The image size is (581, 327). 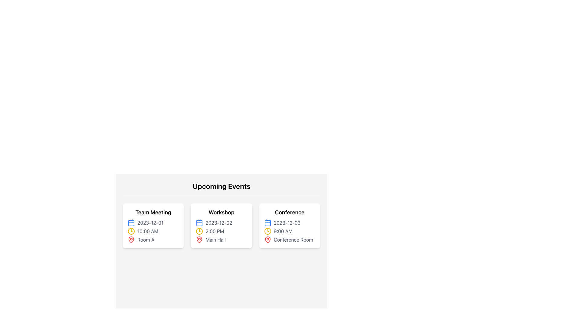 What do you see at coordinates (221, 231) in the screenshot?
I see `the time string '2:00 PM' styled in gray with an adjacent yellow clock icon within the light card interface for the 'Workshop' event` at bounding box center [221, 231].